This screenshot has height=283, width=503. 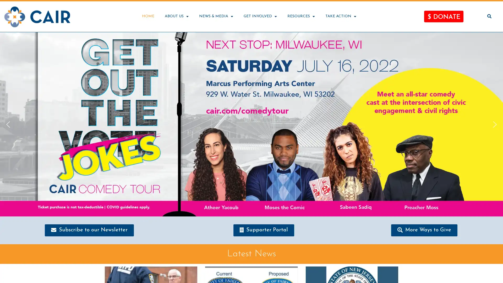 I want to click on Supporter Portal, so click(x=264, y=230).